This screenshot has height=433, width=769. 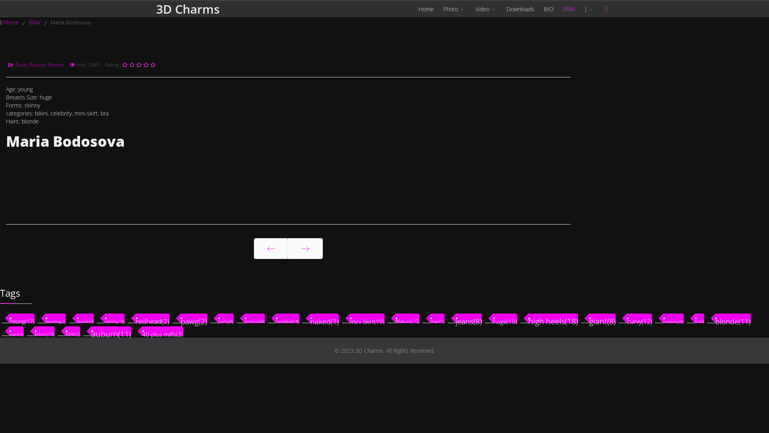 What do you see at coordinates (602, 318) in the screenshot?
I see `'giant(8)'` at bounding box center [602, 318].